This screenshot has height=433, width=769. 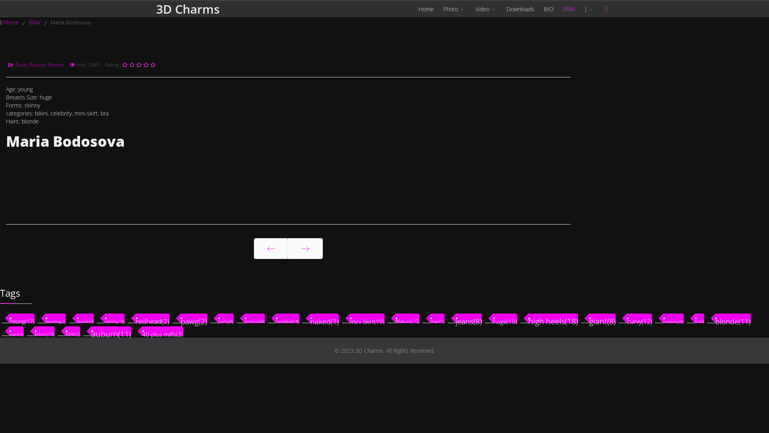 What do you see at coordinates (602, 318) in the screenshot?
I see `'giant(8)'` at bounding box center [602, 318].